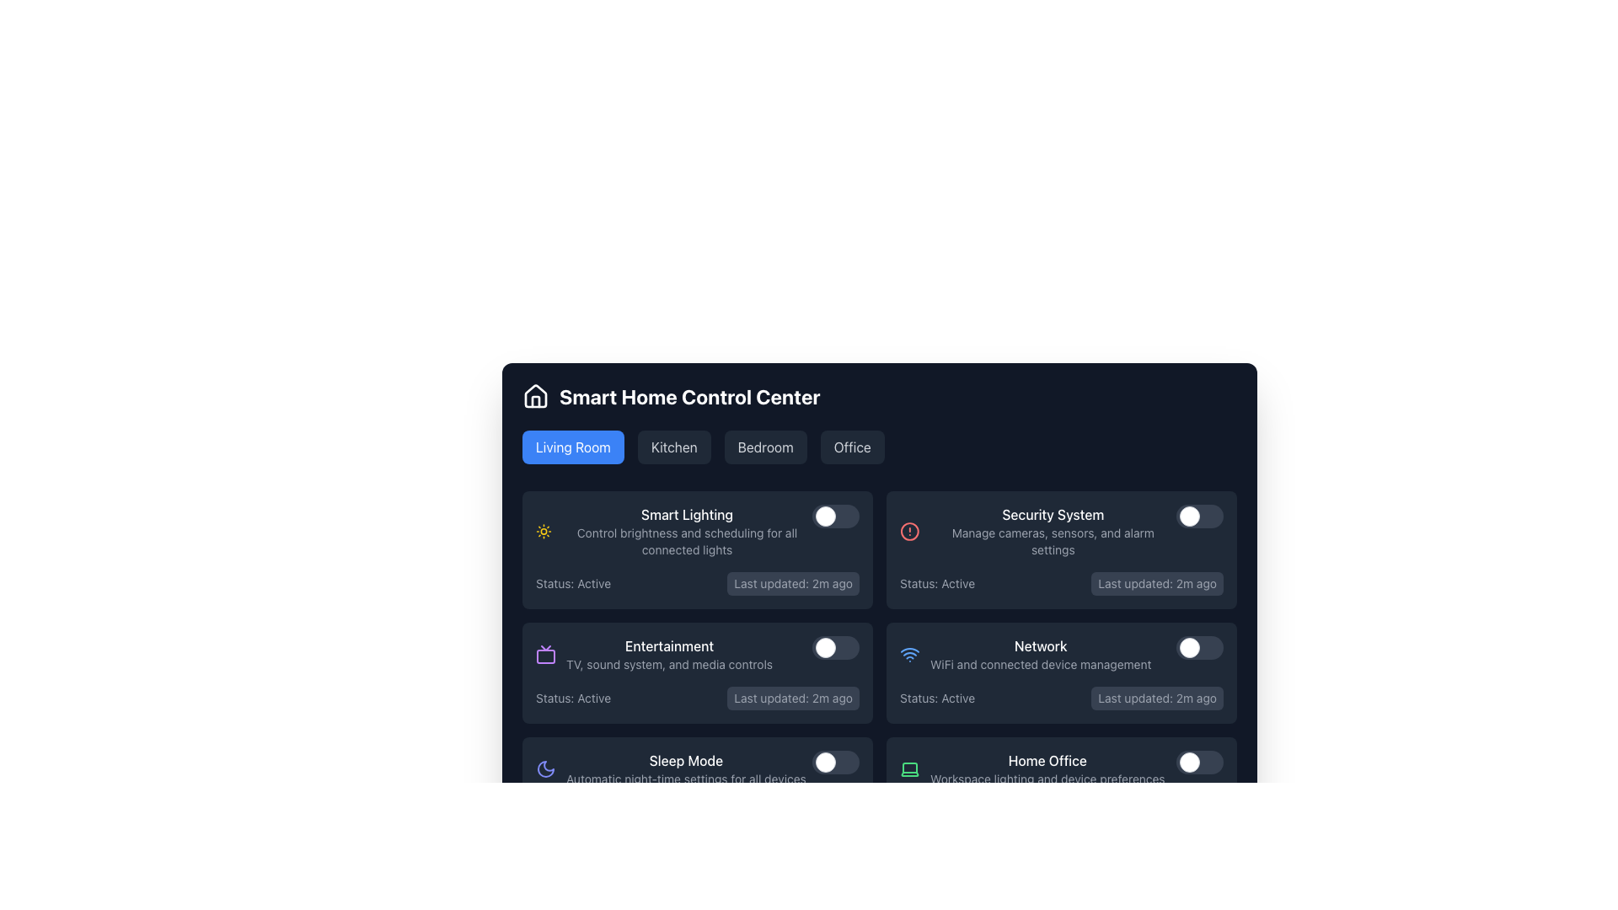 The image size is (1618, 910). Describe the element at coordinates (698, 769) in the screenshot. I see `text description of the 'Sleep Mode' settings toggle located in the lower portion of the card-style component in the 'Living Room' section, specifically the third item in the second row` at that location.